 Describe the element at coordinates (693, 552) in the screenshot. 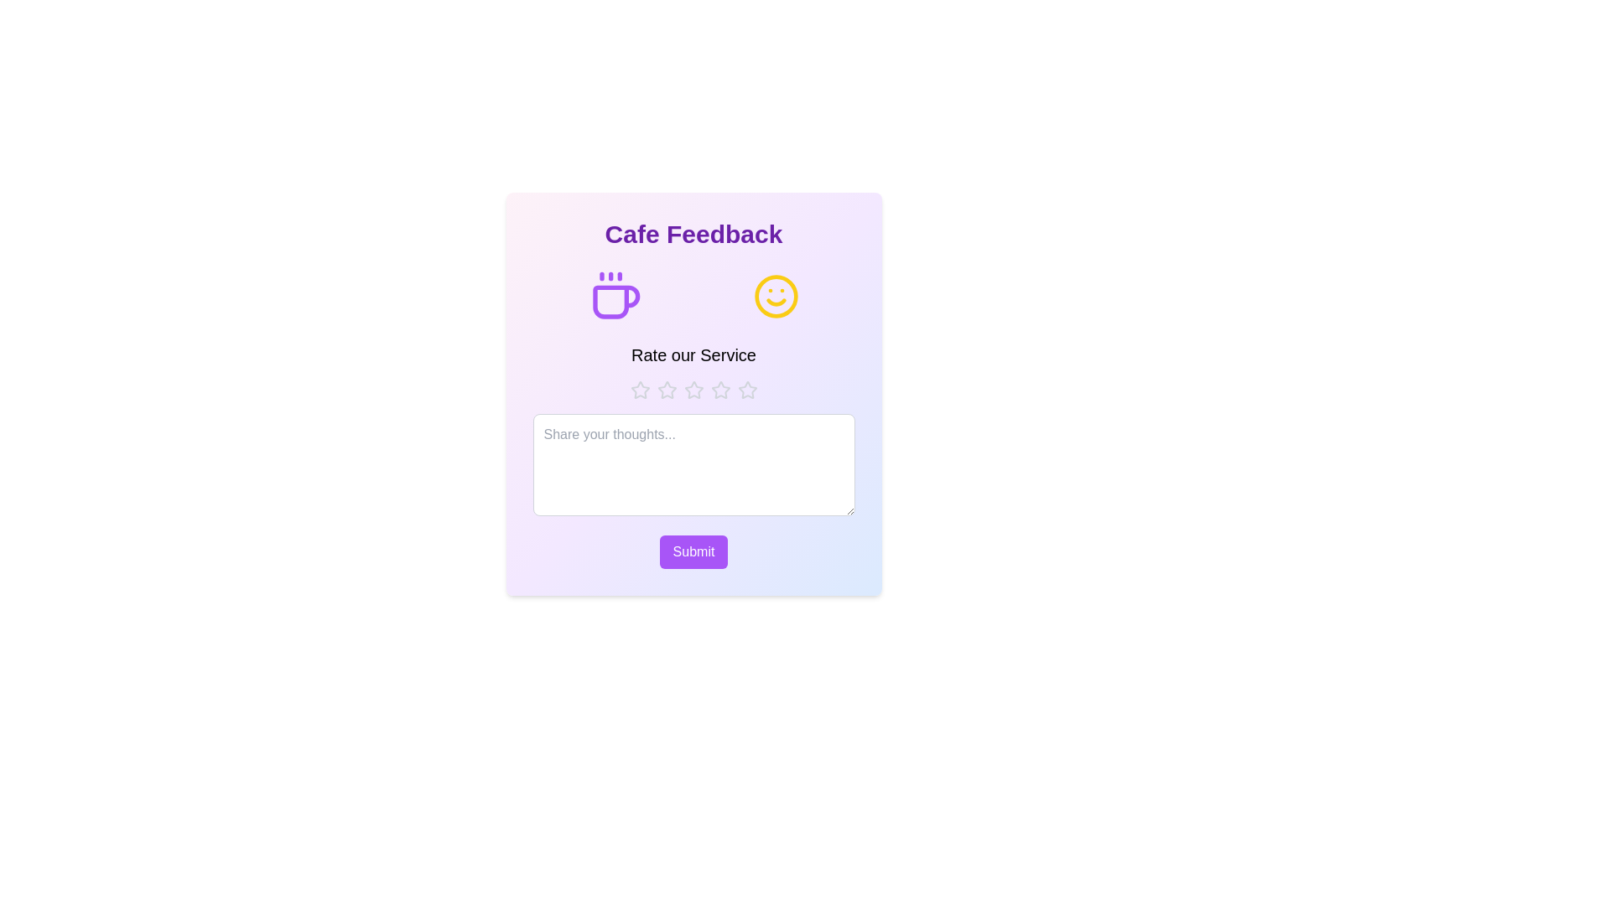

I see `submit button to send feedback` at that location.